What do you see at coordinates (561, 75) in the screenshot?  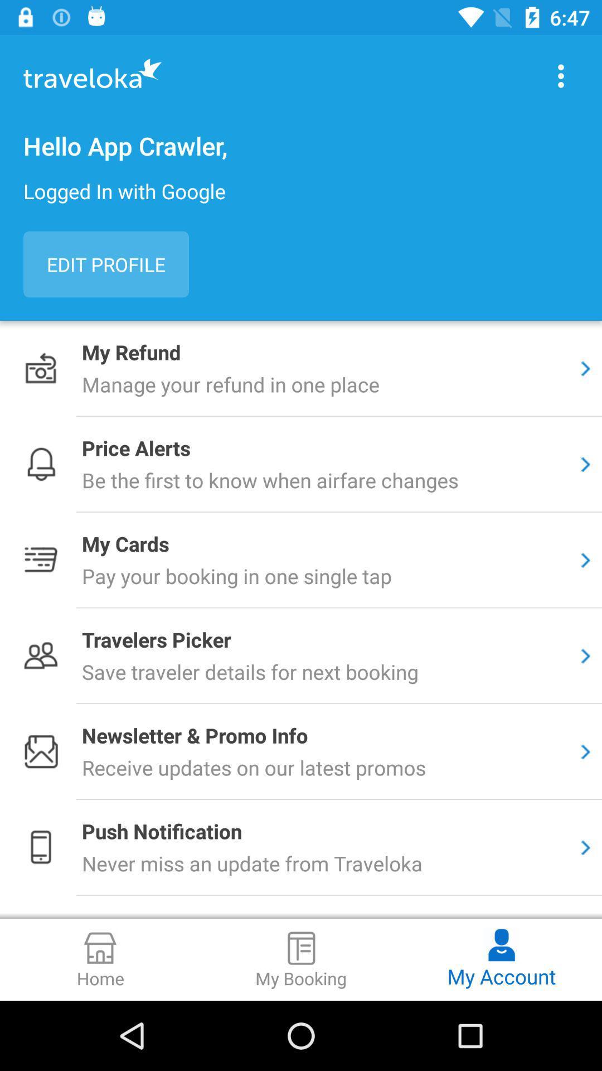 I see `open settings` at bounding box center [561, 75].